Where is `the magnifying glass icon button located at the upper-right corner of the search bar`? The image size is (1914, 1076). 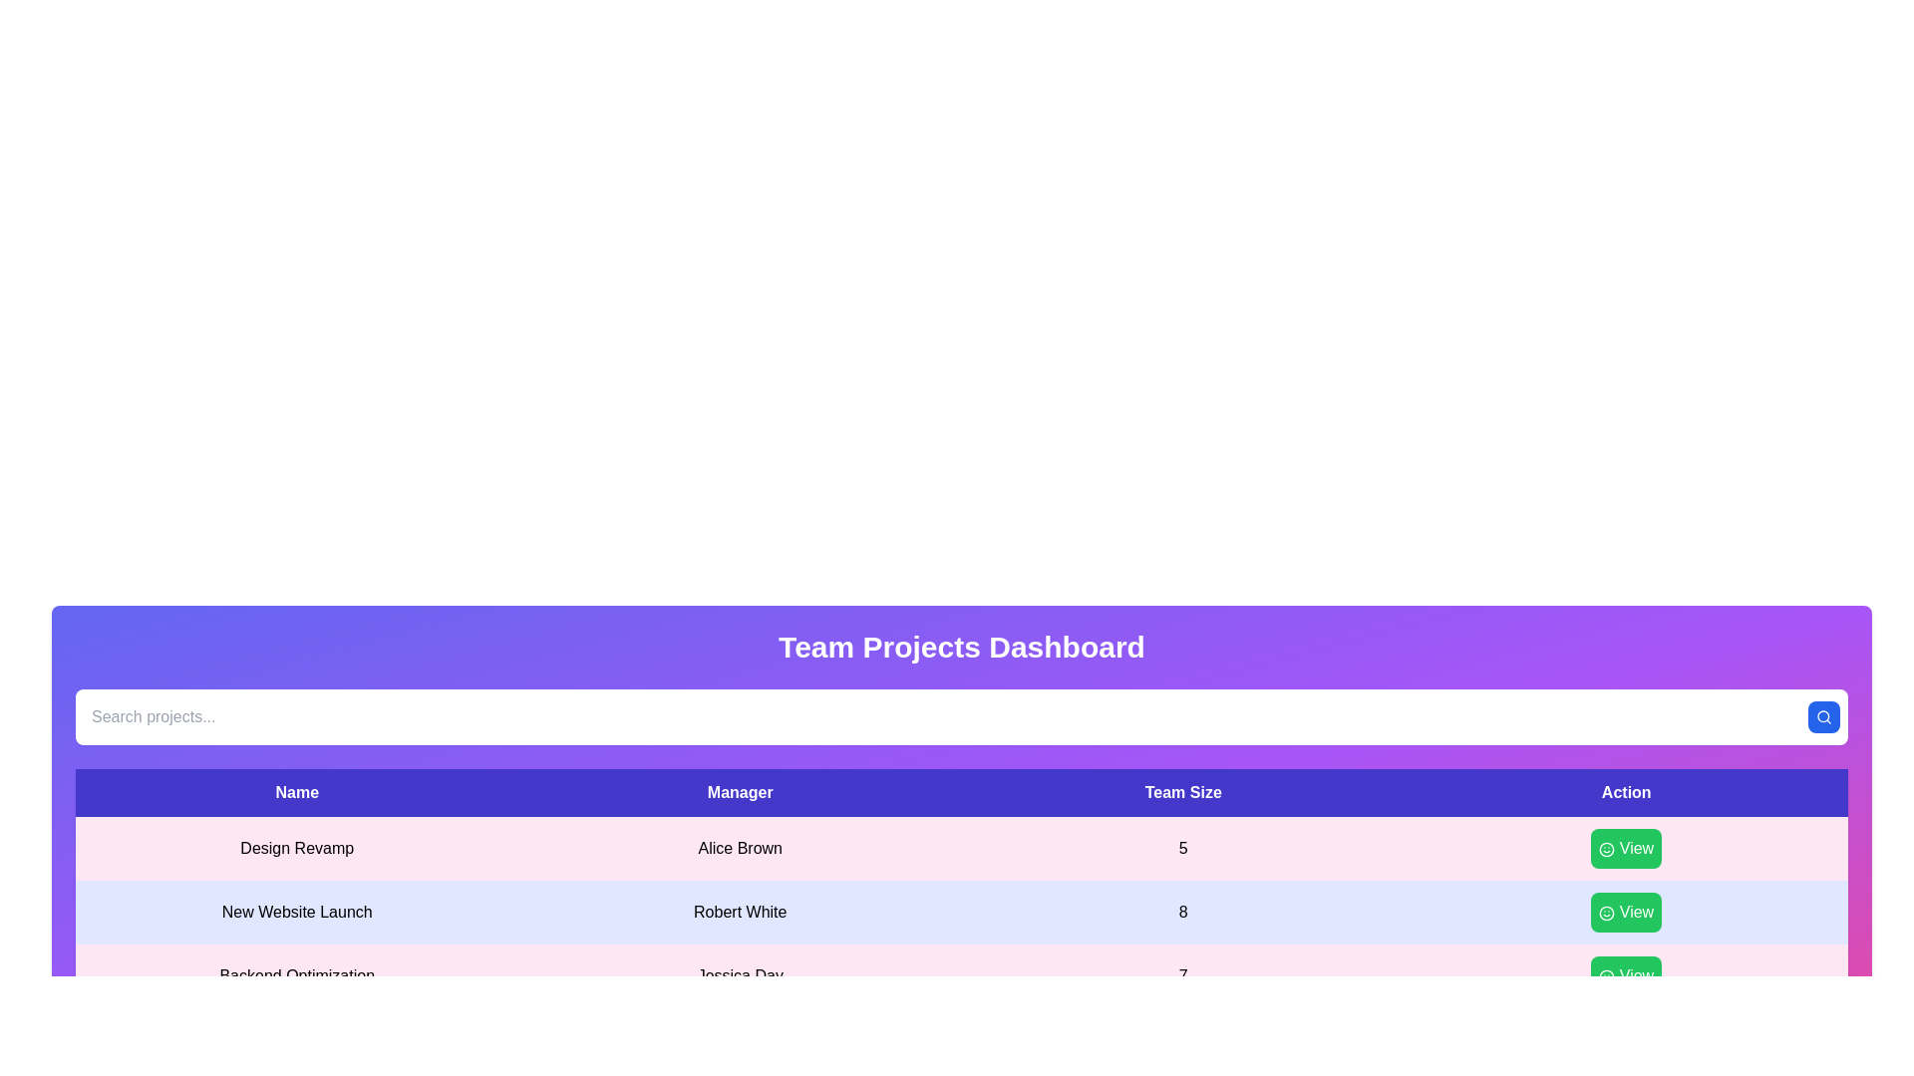
the magnifying glass icon button located at the upper-right corner of the search bar is located at coordinates (1823, 717).